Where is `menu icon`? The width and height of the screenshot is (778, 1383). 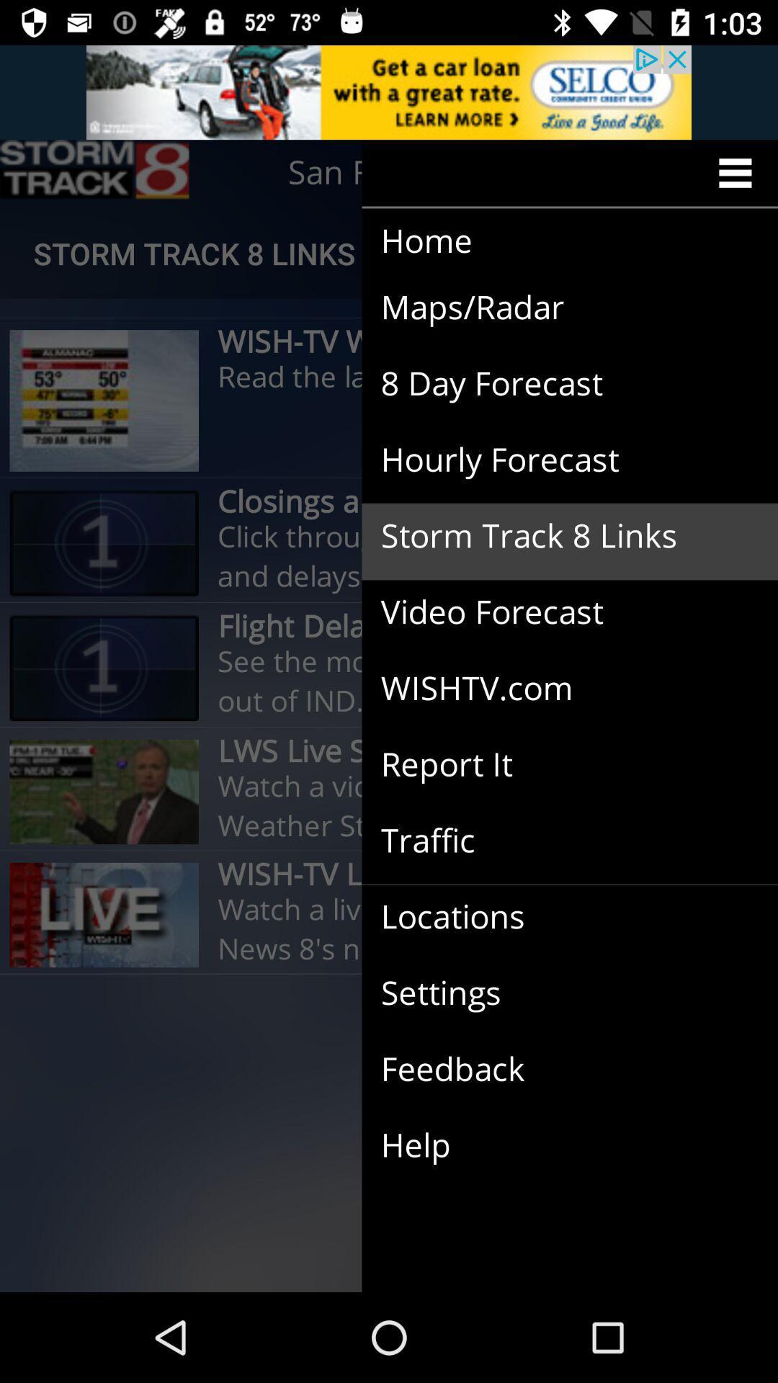 menu icon is located at coordinates (739, 173).